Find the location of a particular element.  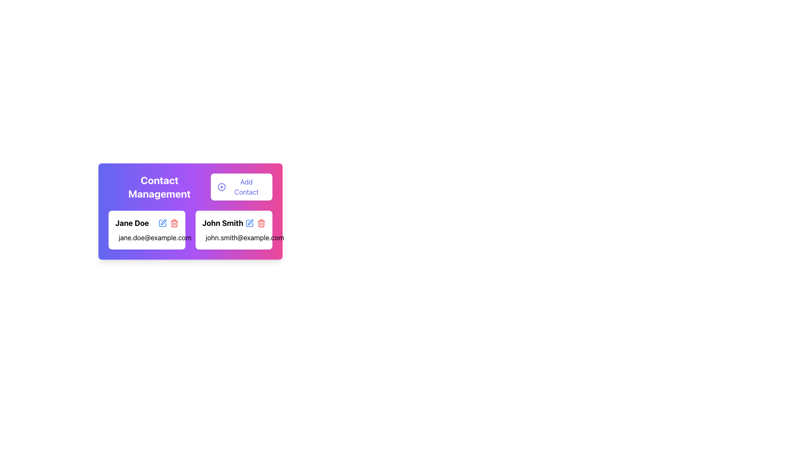

the minimalist addition icon, which is represented by a circle with a plus sign inside, located to the left of the 'Add Contact' button in the 'Contact Management' card is located at coordinates (221, 187).